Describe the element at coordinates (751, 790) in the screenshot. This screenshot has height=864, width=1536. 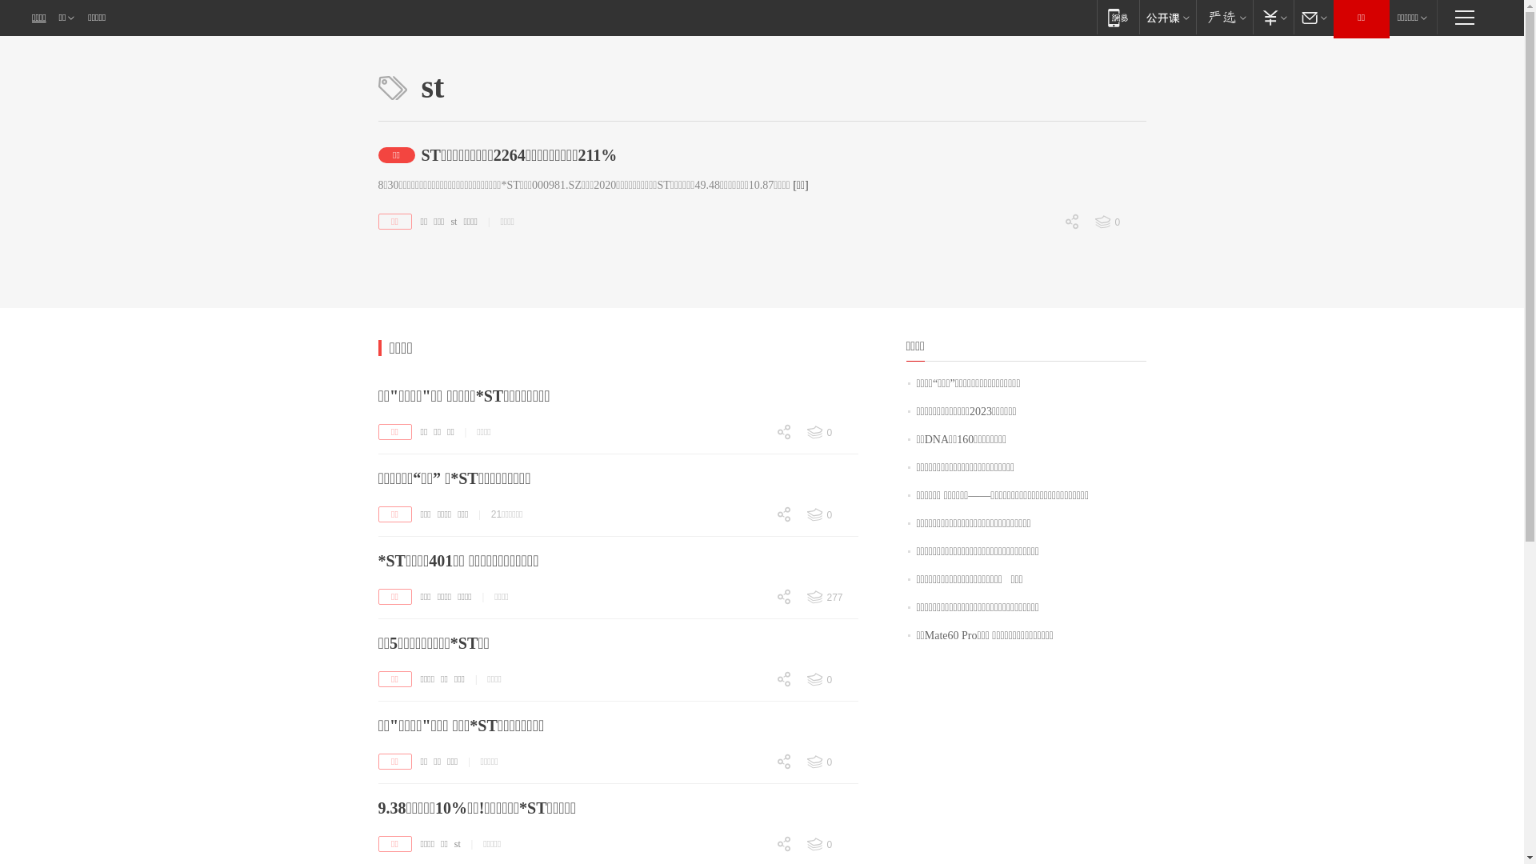
I see `'0'` at that location.